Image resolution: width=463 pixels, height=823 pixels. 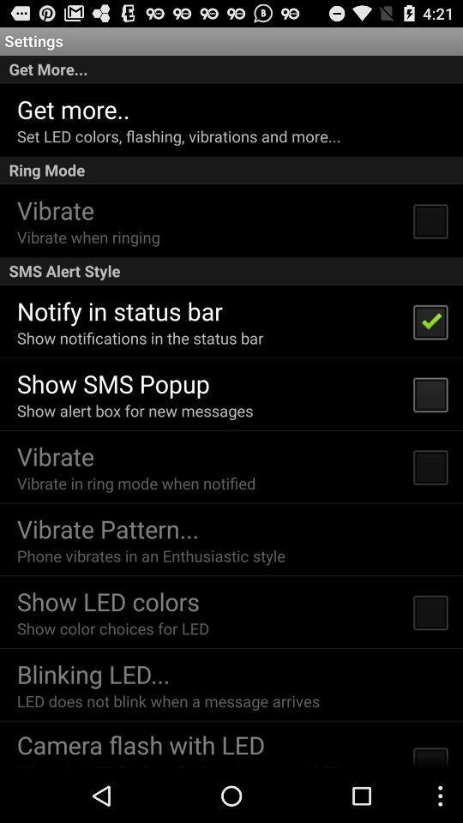 I want to click on vibrate in ring, so click(x=135, y=483).